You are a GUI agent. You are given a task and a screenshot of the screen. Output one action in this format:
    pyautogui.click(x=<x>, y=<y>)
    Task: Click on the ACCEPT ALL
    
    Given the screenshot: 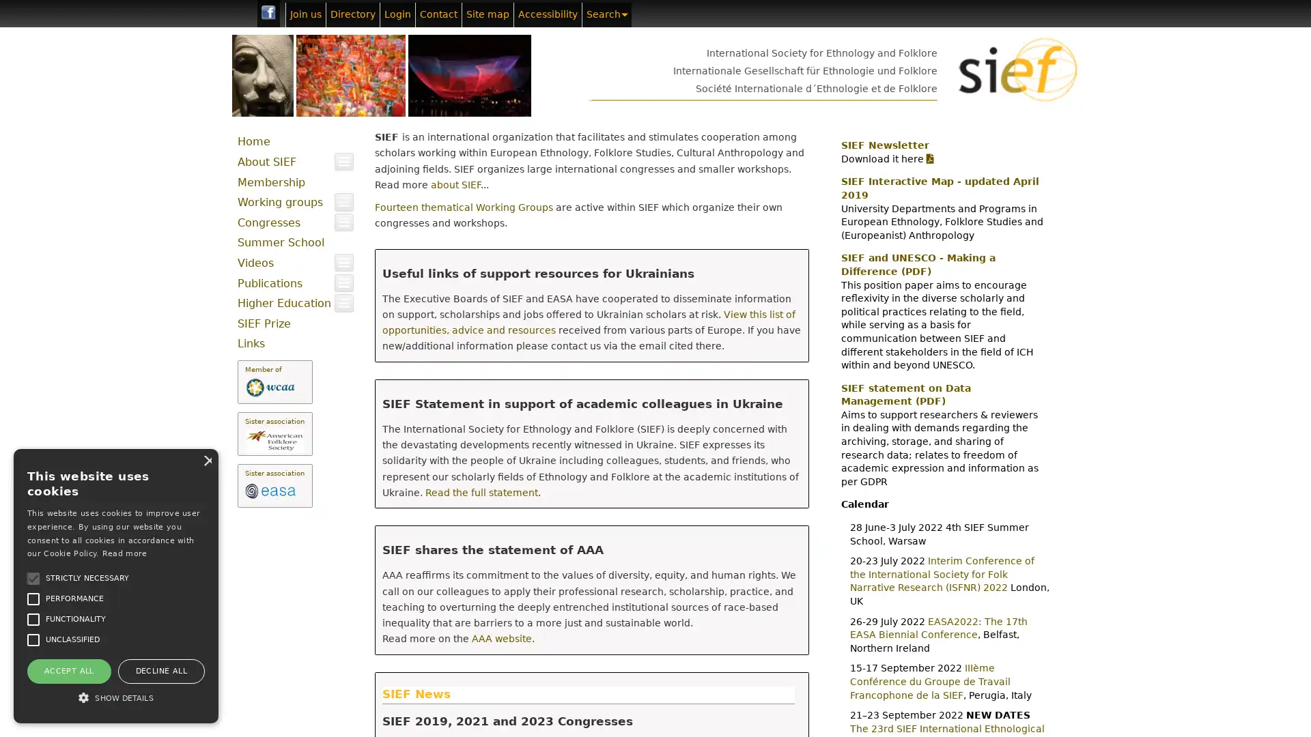 What is the action you would take?
    pyautogui.click(x=68, y=670)
    